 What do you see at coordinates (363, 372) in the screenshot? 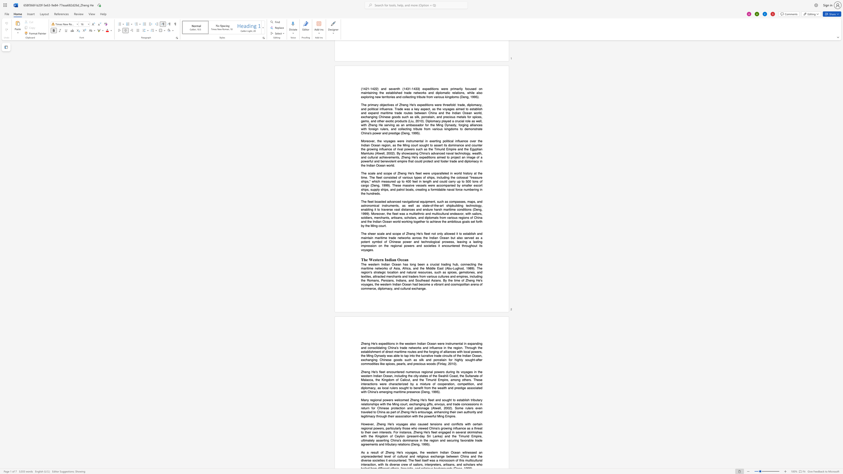
I see `the subset text "heng He" within the text "Zheng He"` at bounding box center [363, 372].